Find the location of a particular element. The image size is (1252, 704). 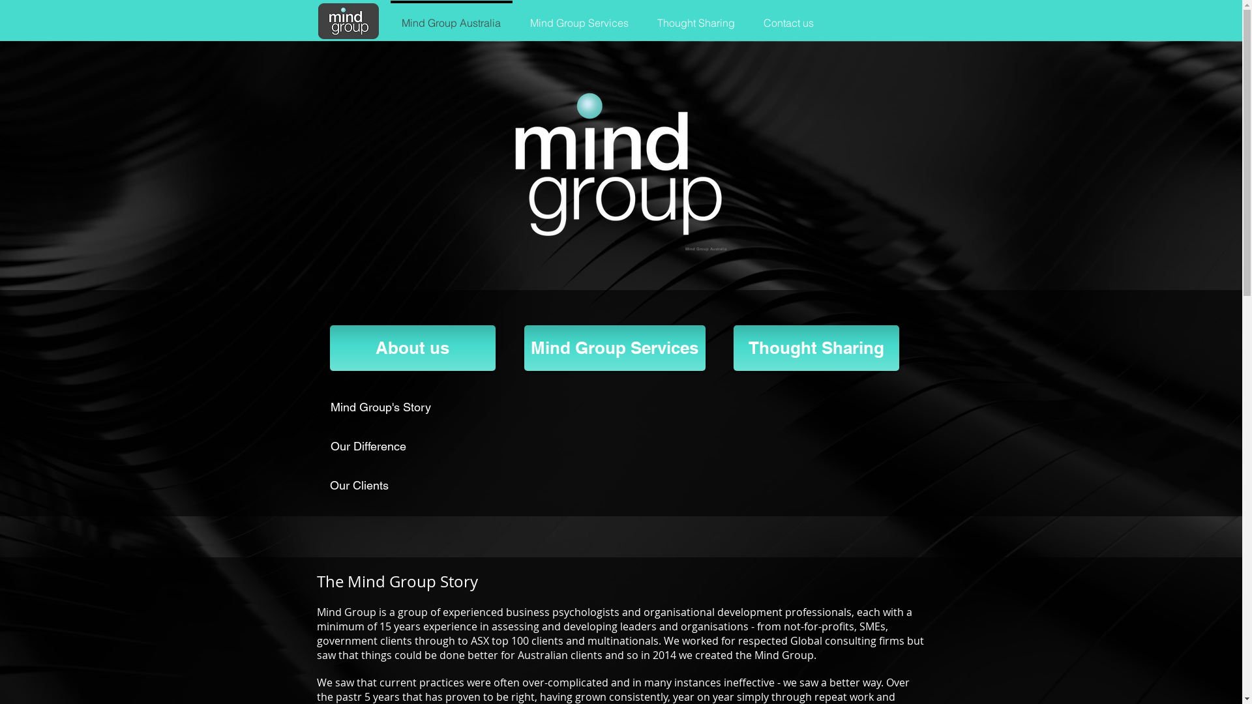

'Mind Group Australia' is located at coordinates (615, 164).